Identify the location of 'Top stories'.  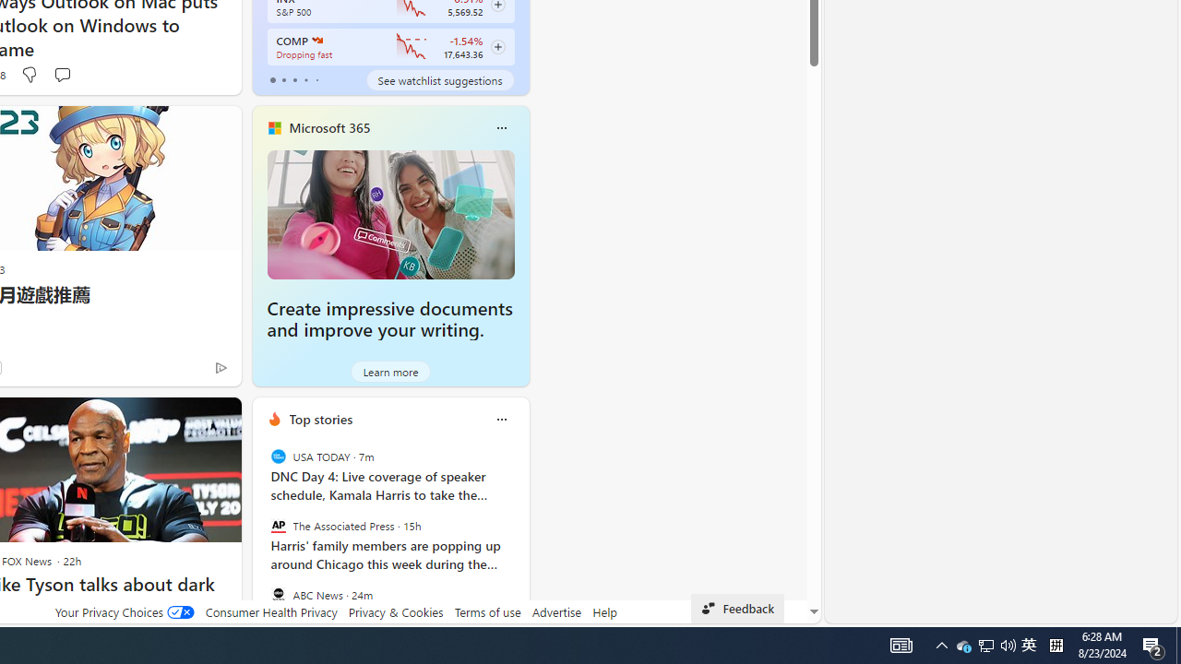
(321, 419).